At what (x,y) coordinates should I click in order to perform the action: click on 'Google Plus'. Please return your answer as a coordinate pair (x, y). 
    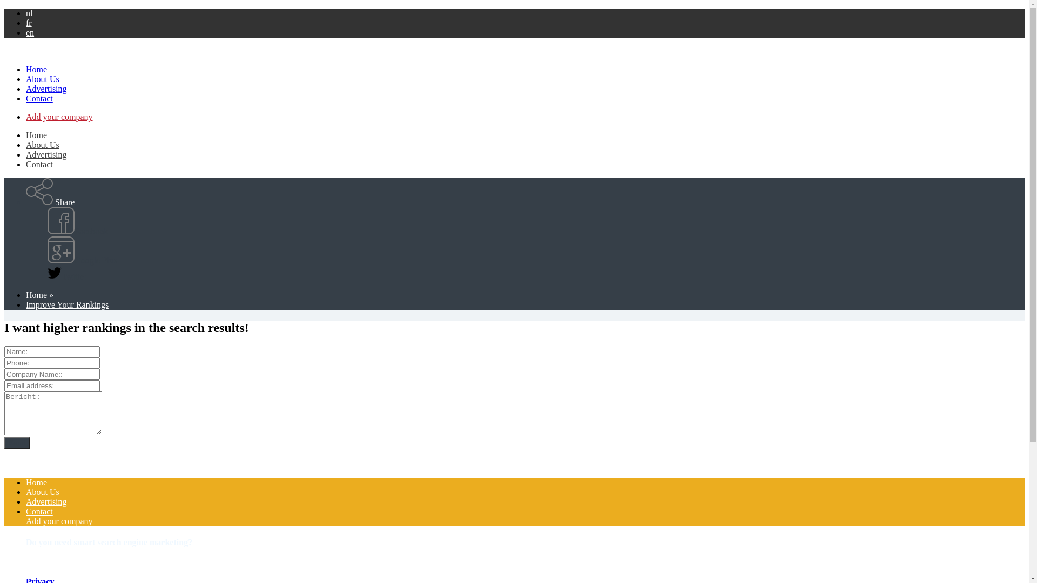
    Looking at the image, I should click on (82, 260).